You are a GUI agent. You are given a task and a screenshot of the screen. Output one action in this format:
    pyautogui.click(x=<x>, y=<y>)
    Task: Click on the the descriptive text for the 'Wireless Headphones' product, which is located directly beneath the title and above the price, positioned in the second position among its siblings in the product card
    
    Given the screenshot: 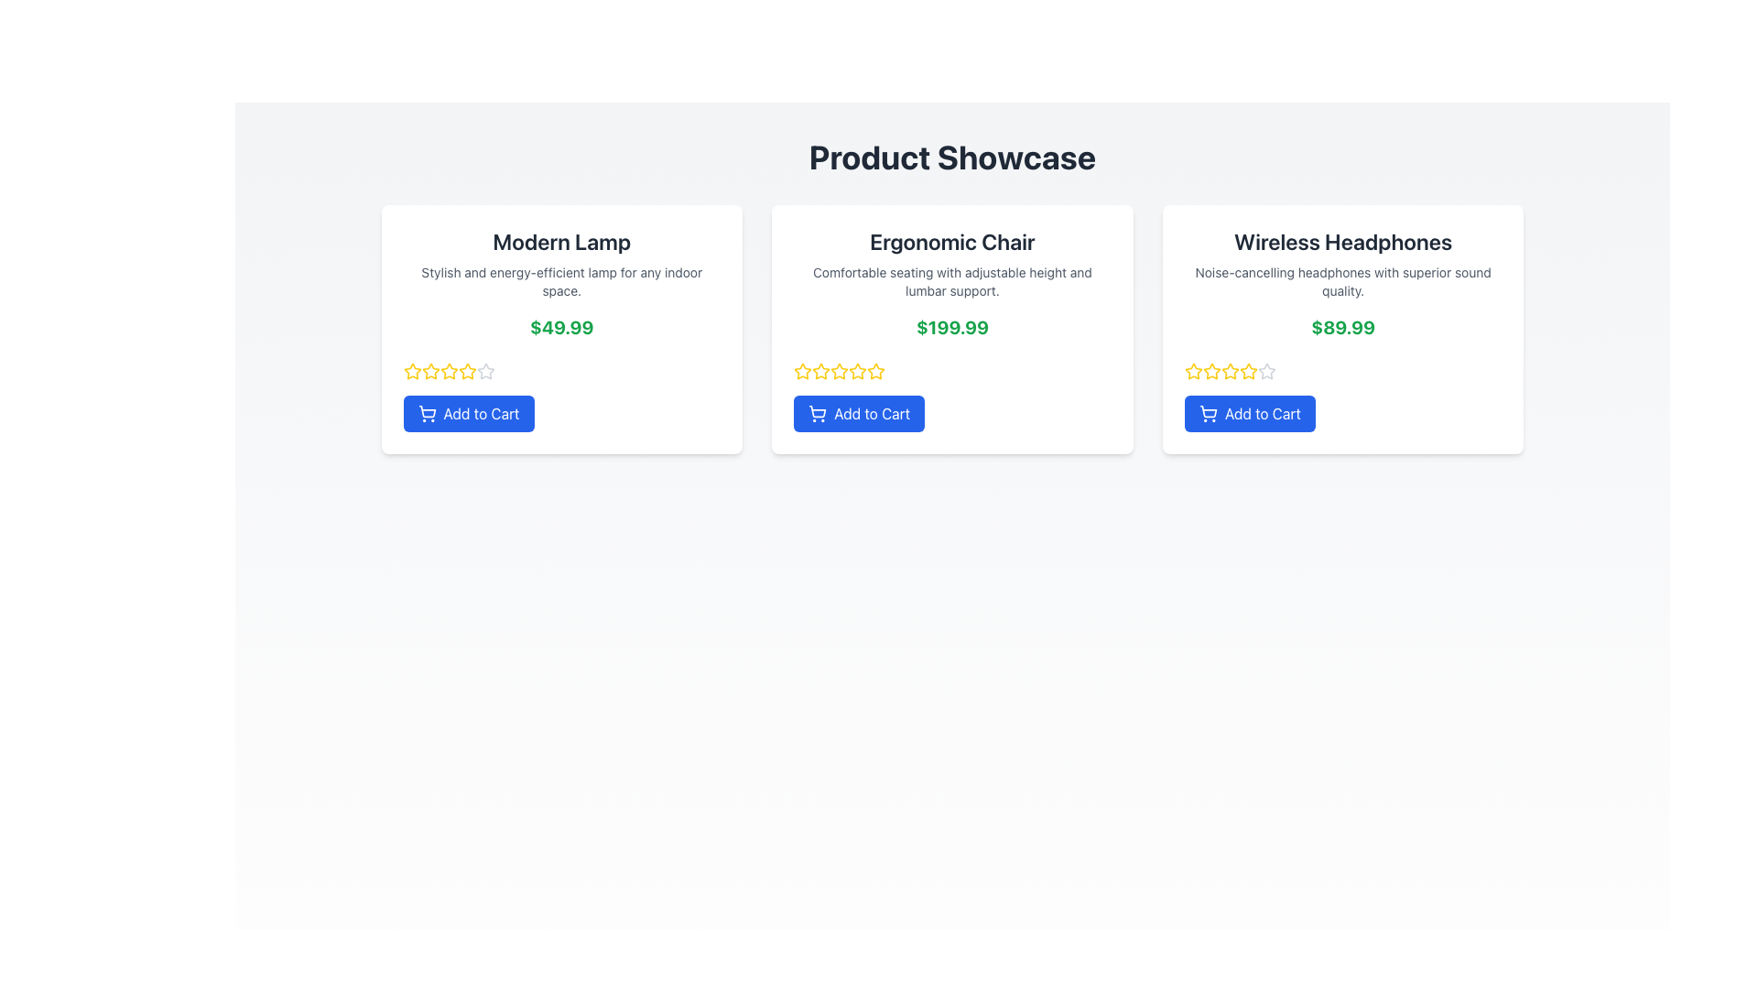 What is the action you would take?
    pyautogui.click(x=1343, y=282)
    